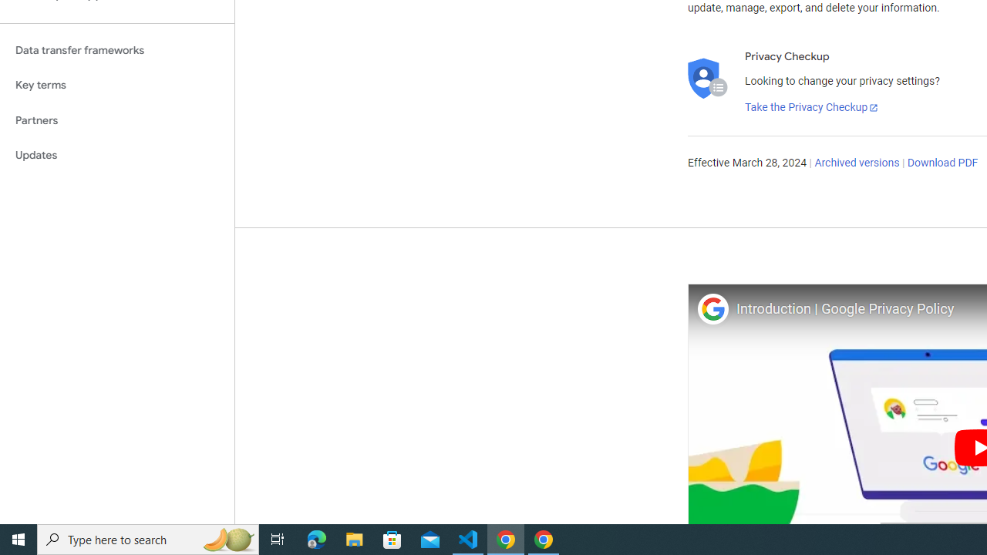 The height and width of the screenshot is (555, 987). What do you see at coordinates (116, 119) in the screenshot?
I see `'Partners'` at bounding box center [116, 119].